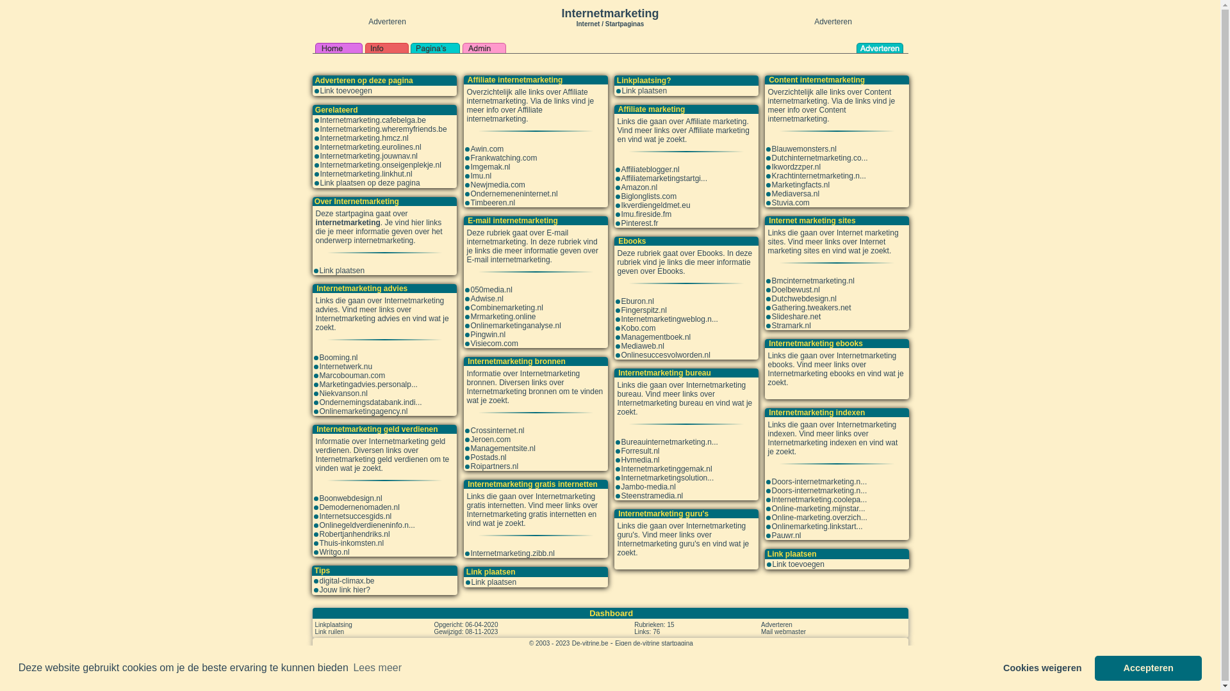  I want to click on 'Adwise.nl', so click(486, 298).